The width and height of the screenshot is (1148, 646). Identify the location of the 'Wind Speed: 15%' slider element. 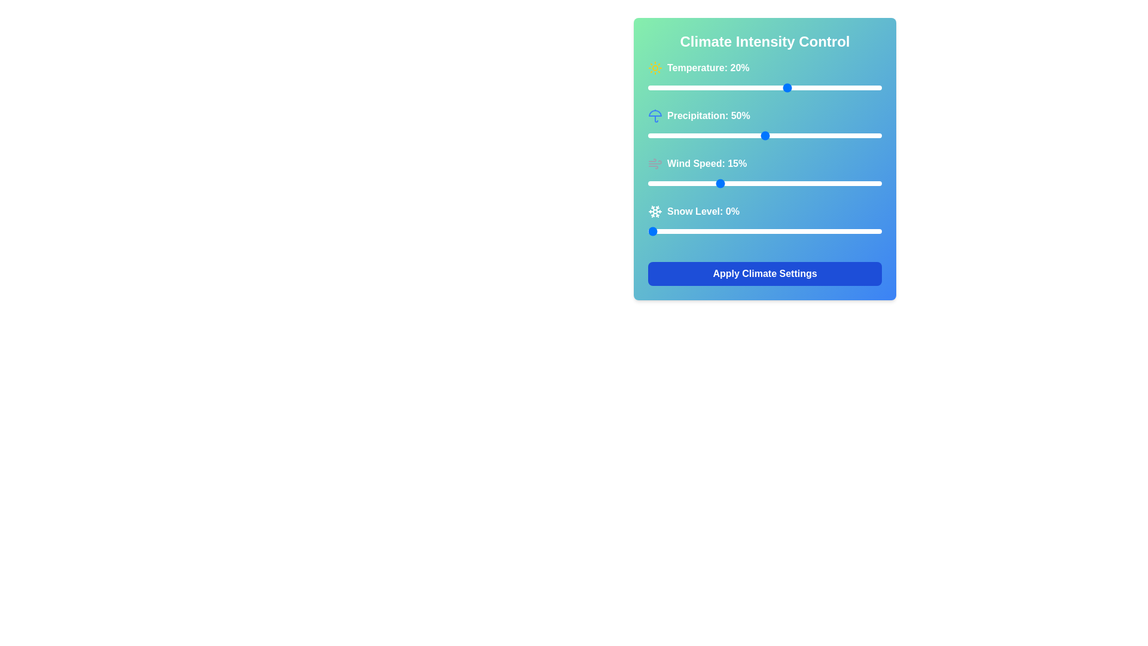
(764, 173).